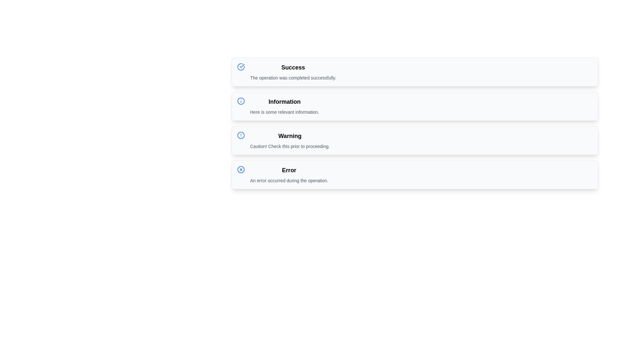 Image resolution: width=622 pixels, height=349 pixels. Describe the element at coordinates (415, 140) in the screenshot. I see `the warning notification card located as the third block in a vertically-stacked list of notifications, positioned between the 'Information' and 'Error' blocks` at that location.